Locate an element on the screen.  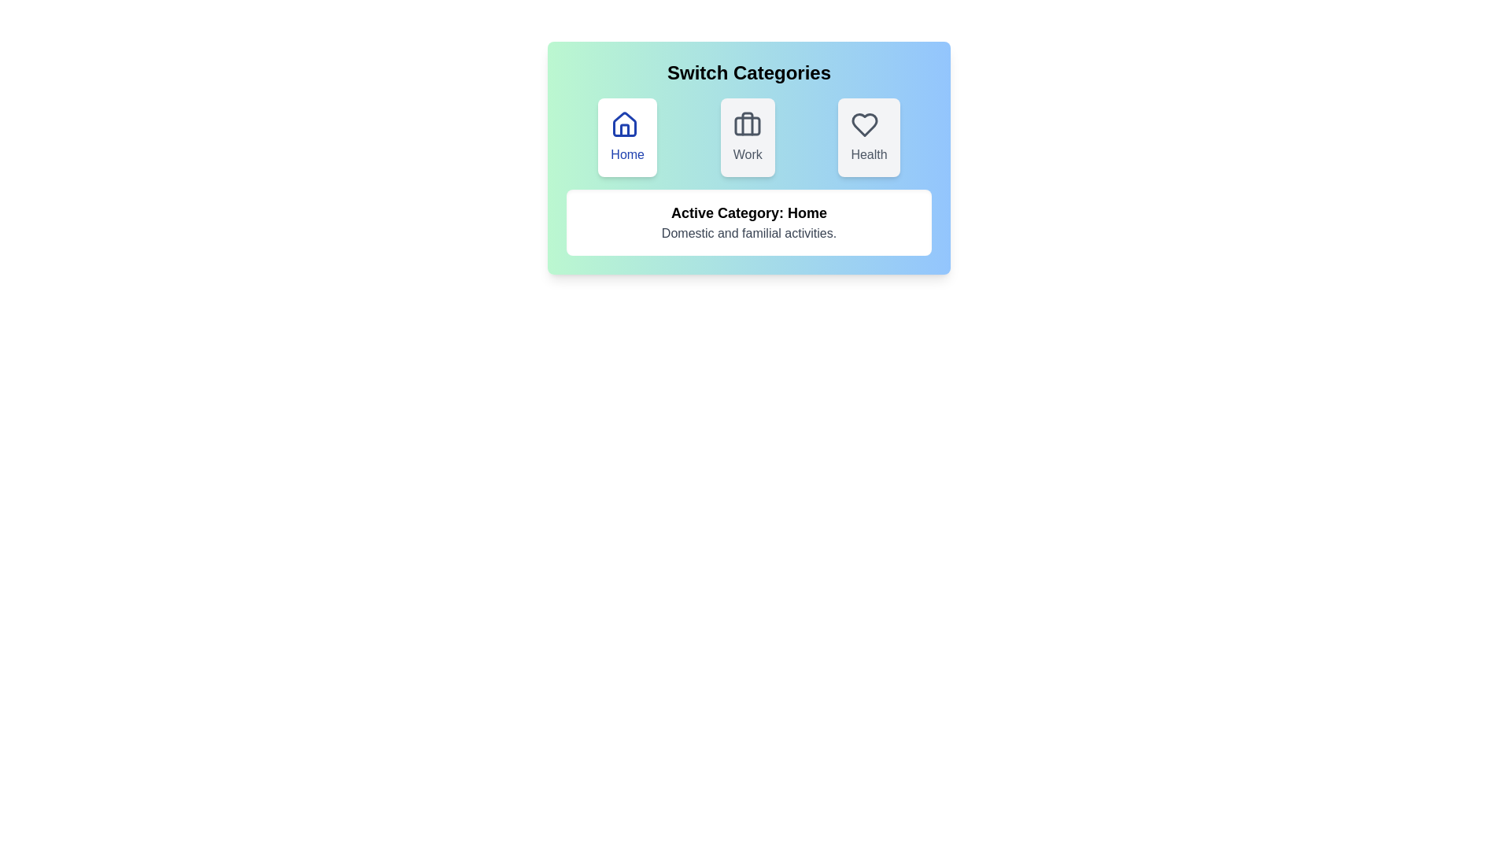
the category button corresponding to Work is located at coordinates (747, 136).